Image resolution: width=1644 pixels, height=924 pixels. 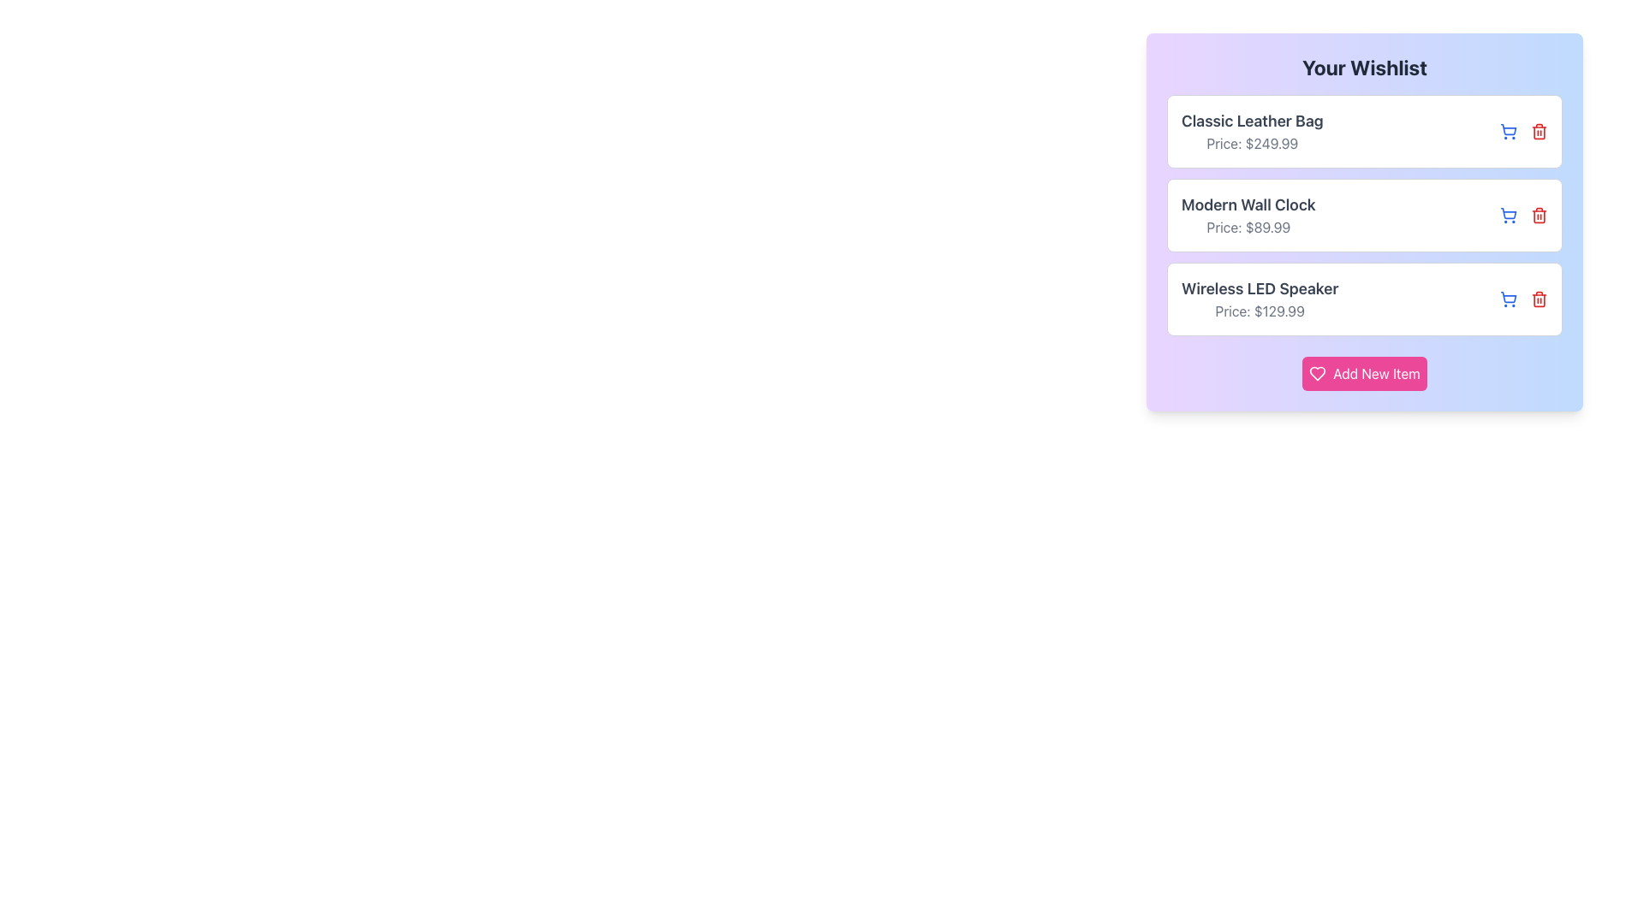 What do you see at coordinates (1248, 214) in the screenshot?
I see `the text element displaying the name and price of an item in the second card of the 'Your Wishlist' section` at bounding box center [1248, 214].